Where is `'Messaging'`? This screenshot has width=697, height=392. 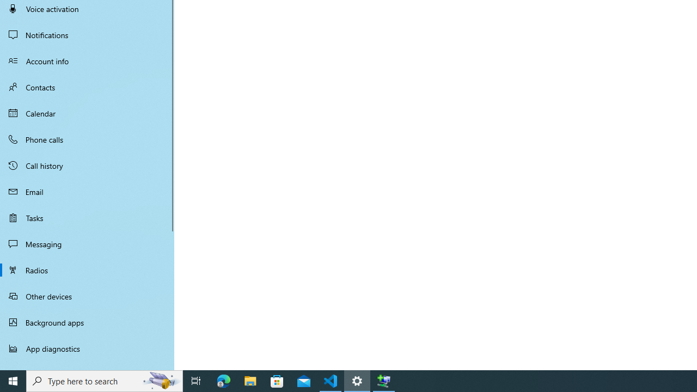 'Messaging' is located at coordinates (87, 243).